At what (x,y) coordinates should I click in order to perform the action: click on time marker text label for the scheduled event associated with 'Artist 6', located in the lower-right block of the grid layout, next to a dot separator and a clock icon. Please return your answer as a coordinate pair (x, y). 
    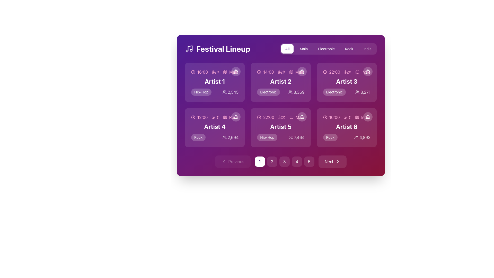
    Looking at the image, I should click on (334, 117).